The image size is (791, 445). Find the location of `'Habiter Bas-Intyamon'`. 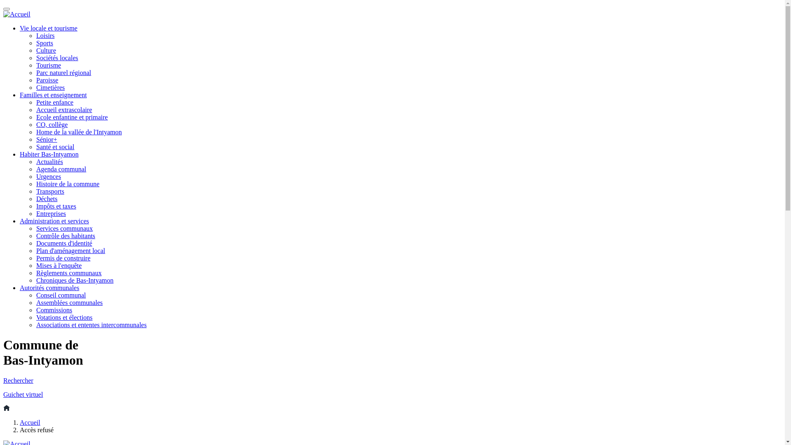

'Habiter Bas-Intyamon' is located at coordinates (49, 154).